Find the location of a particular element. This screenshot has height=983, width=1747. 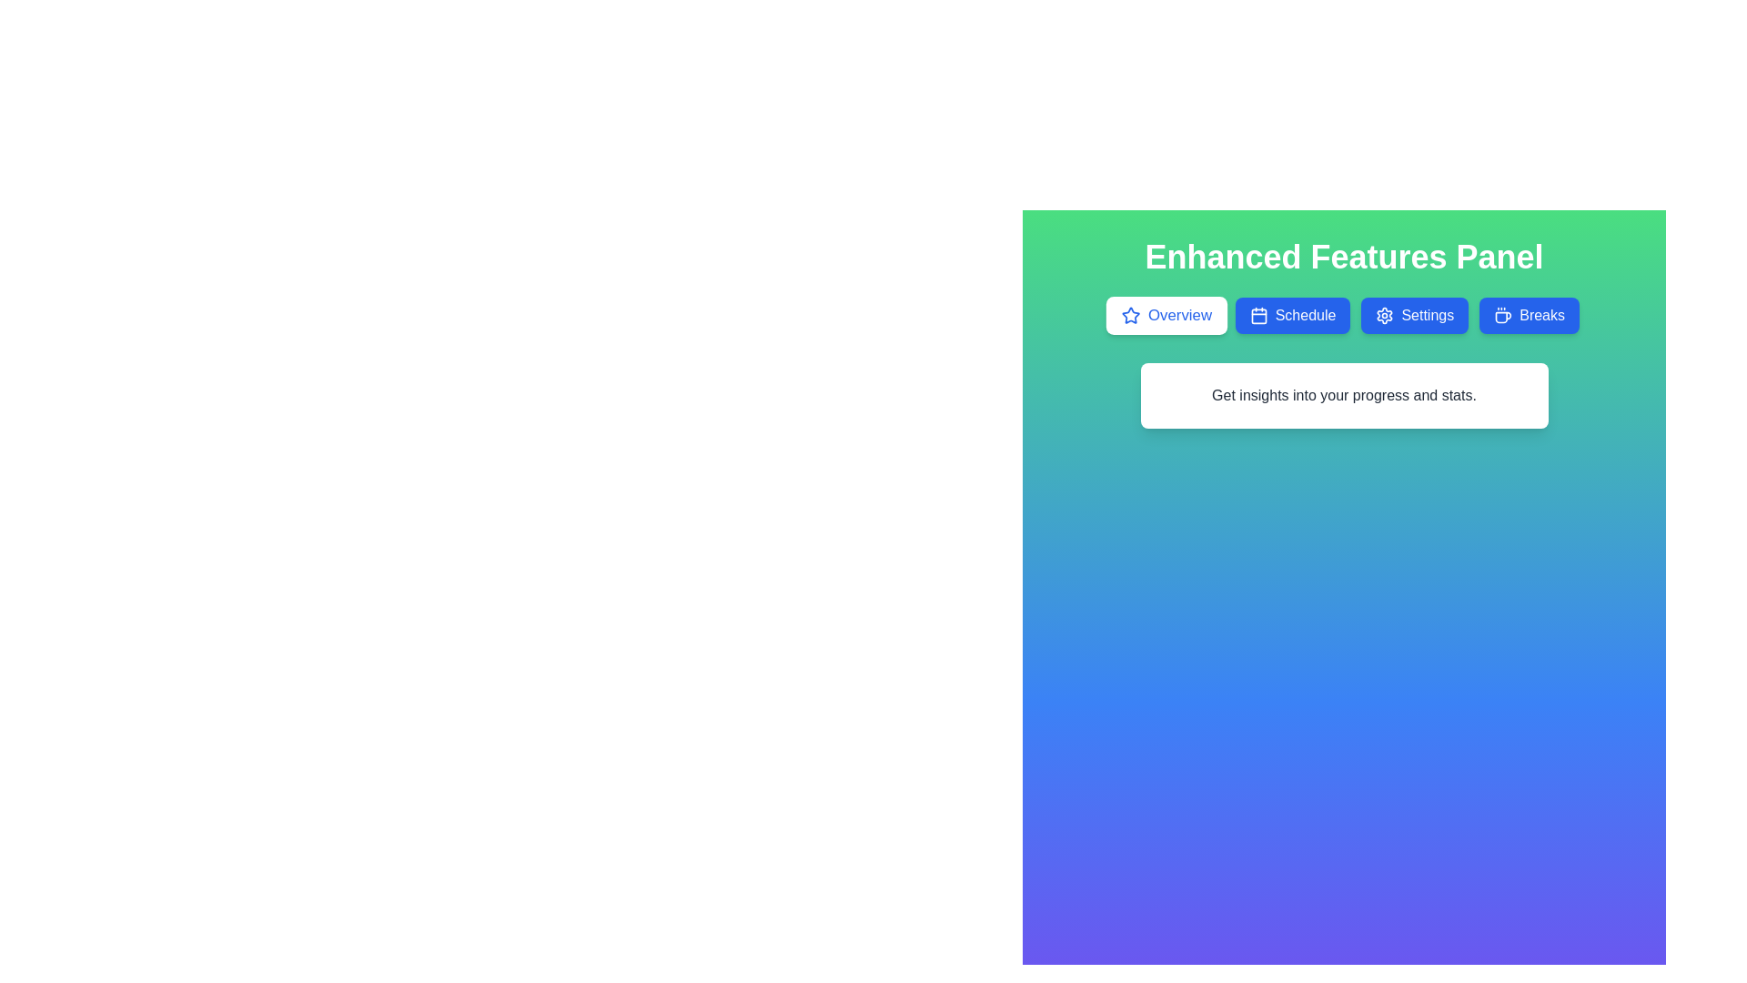

the blue rectangular button with rounded corners labeled 'Breaks', located under the 'Enhanced Features Panel' is located at coordinates (1529, 315).